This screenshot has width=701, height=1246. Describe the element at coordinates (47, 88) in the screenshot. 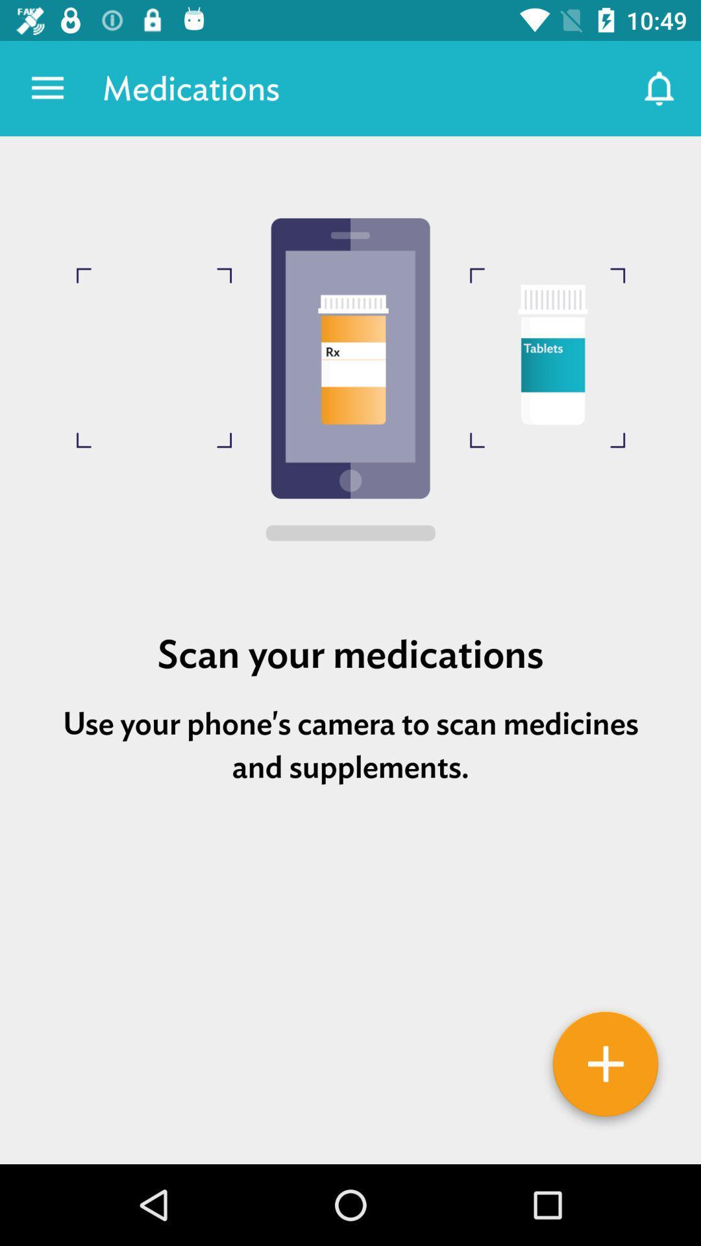

I see `the app to the left of medications item` at that location.